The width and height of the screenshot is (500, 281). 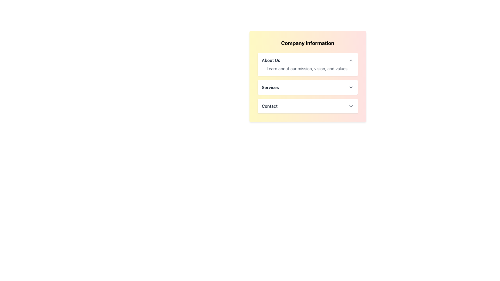 What do you see at coordinates (308, 64) in the screenshot?
I see `the 'About Us' collapsible list item` at bounding box center [308, 64].